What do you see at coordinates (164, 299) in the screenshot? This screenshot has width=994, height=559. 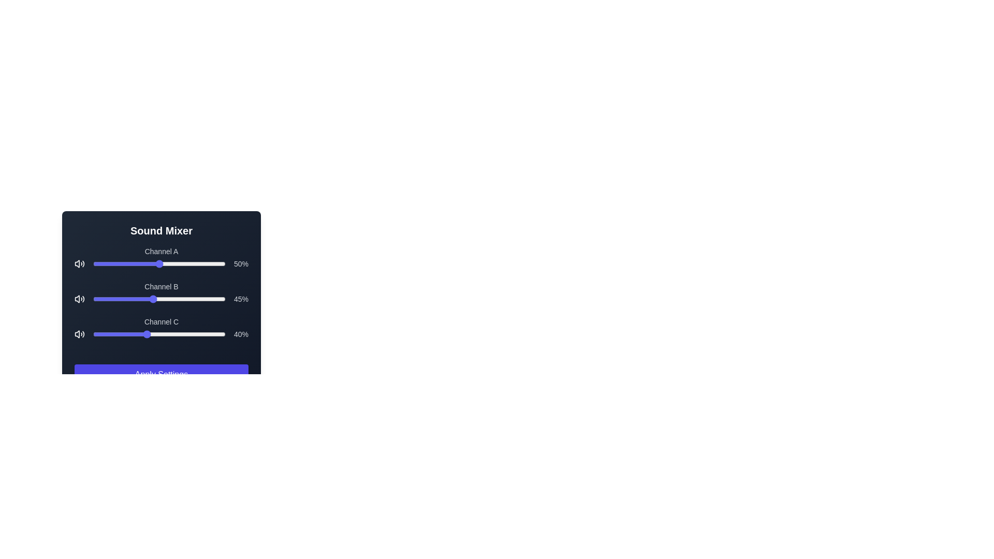 I see `the Channel B volume` at bounding box center [164, 299].